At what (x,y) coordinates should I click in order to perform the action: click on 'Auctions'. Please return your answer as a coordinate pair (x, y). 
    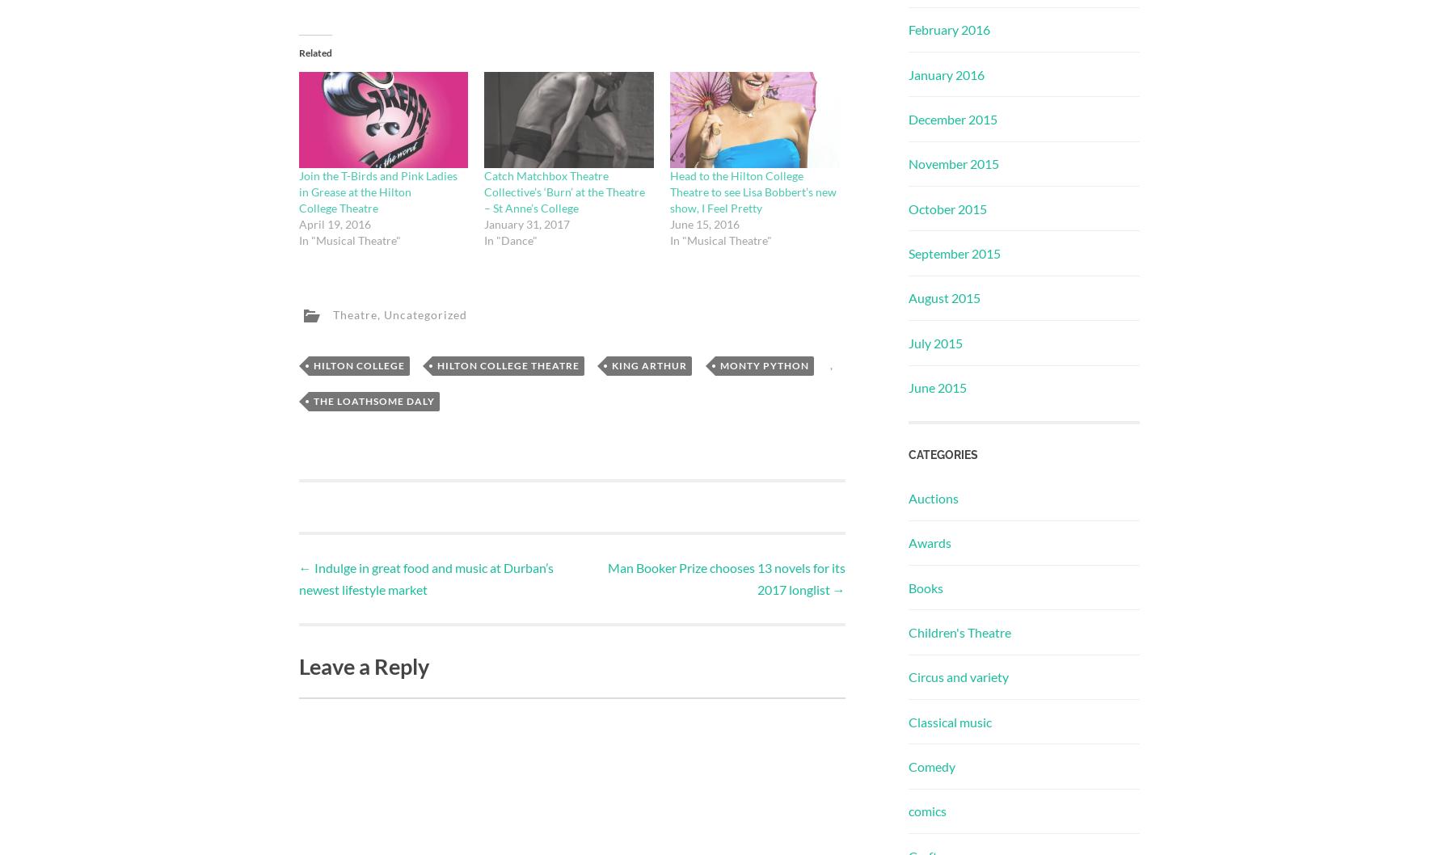
    Looking at the image, I should click on (933, 497).